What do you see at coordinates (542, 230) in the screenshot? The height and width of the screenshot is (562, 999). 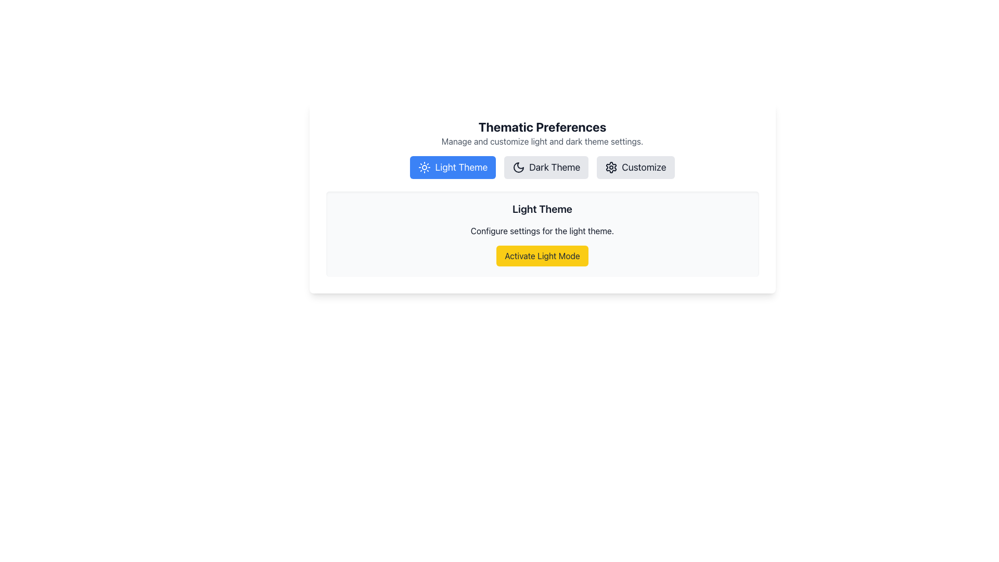 I see `the static text element that provides configuration instructions related to the light theme, positioned below the 'Light Theme' heading and above the 'Activate Light Mode' button` at bounding box center [542, 230].